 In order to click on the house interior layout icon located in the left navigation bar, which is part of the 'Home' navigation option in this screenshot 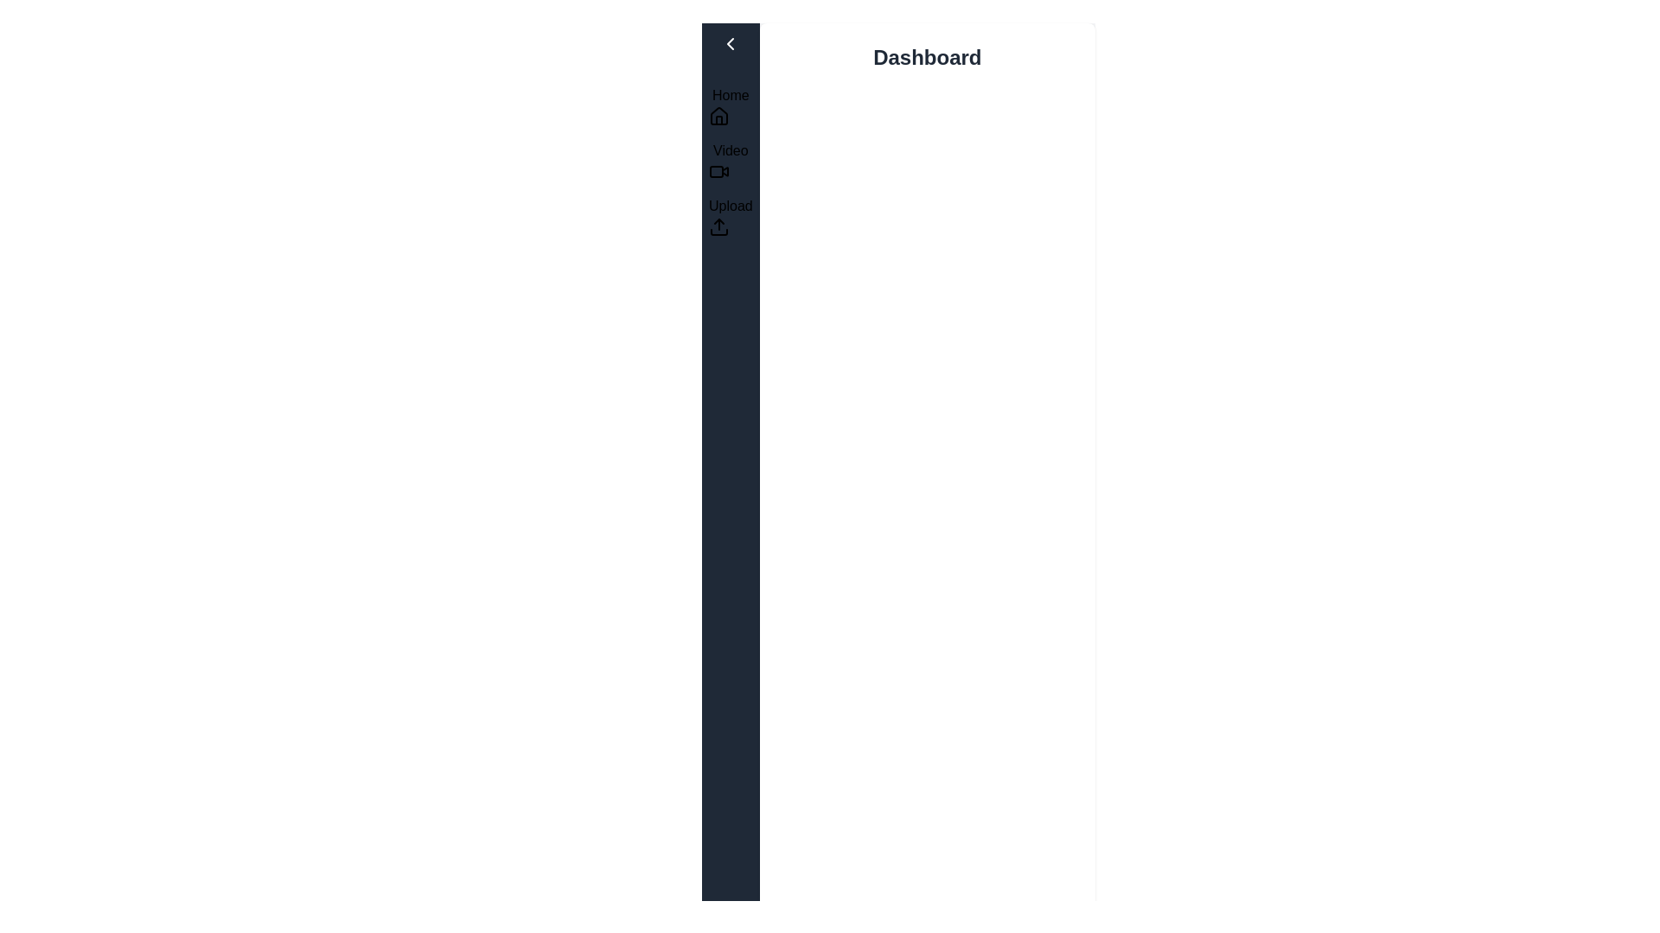, I will do `click(718, 119)`.